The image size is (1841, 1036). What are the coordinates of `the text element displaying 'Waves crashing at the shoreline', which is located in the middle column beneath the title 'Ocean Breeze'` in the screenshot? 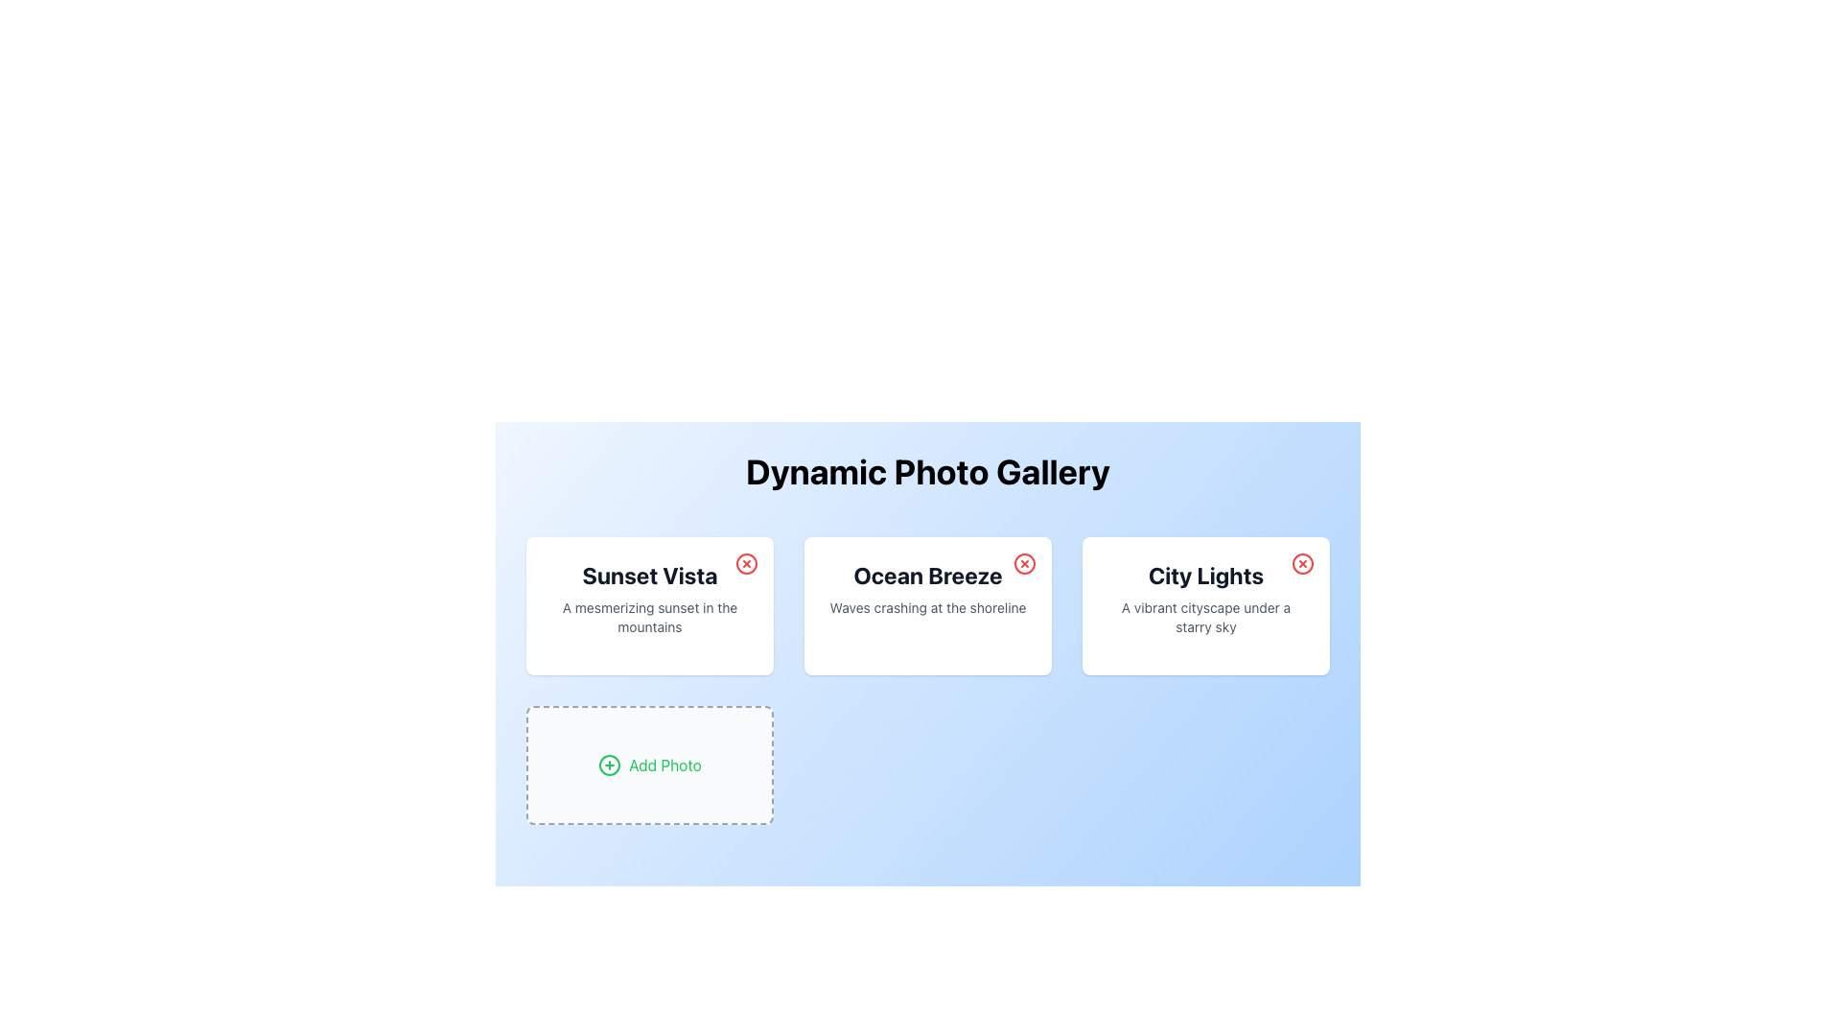 It's located at (928, 607).